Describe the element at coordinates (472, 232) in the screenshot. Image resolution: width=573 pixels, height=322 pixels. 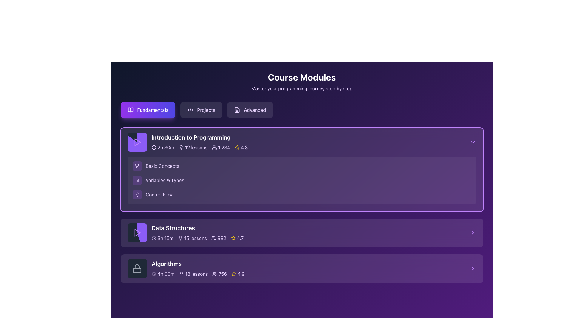
I see `the navigation icon at the far right of the 'Data Structures' section` at that location.